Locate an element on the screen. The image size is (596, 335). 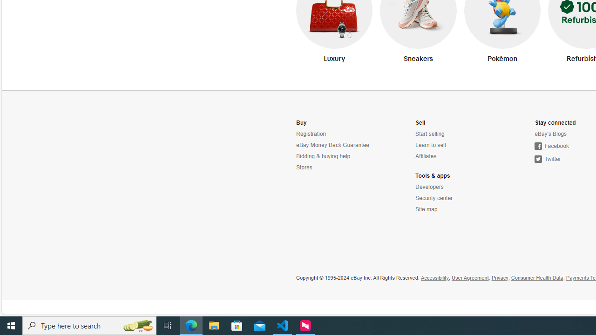
'Security center' is located at coordinates (457, 198).